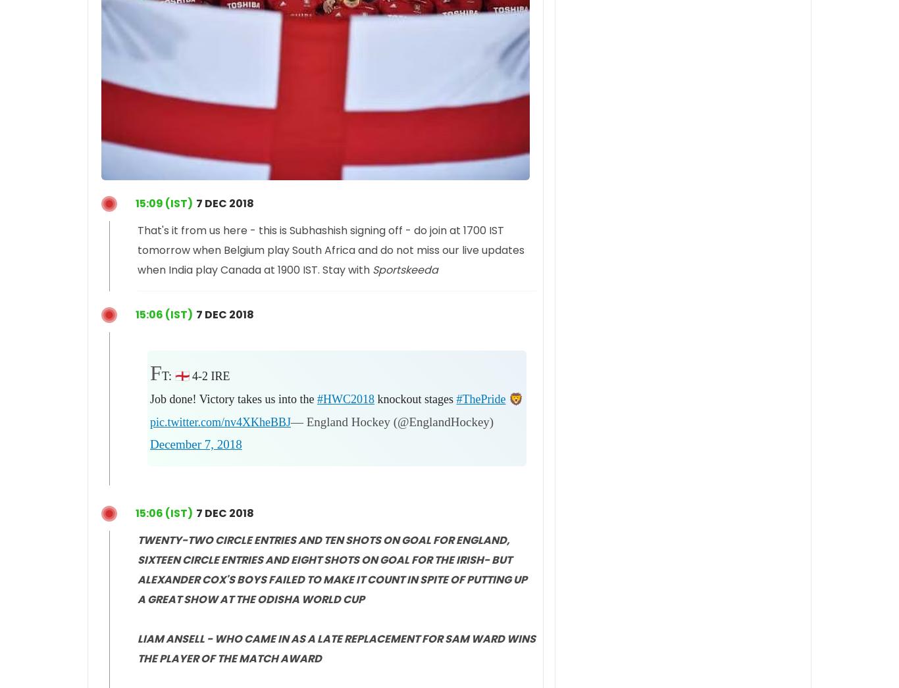 This screenshot has height=688, width=899. I want to click on 'FT: 🏴󠁧󠁢󠁥󠁮󠁧󠁿 4-2 IRE', so click(149, 372).